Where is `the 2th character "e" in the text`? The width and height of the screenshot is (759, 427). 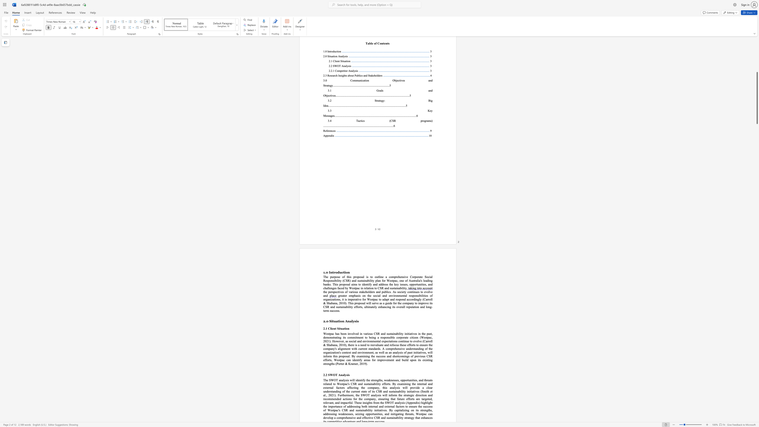 the 2th character "e" in the text is located at coordinates (392, 284).